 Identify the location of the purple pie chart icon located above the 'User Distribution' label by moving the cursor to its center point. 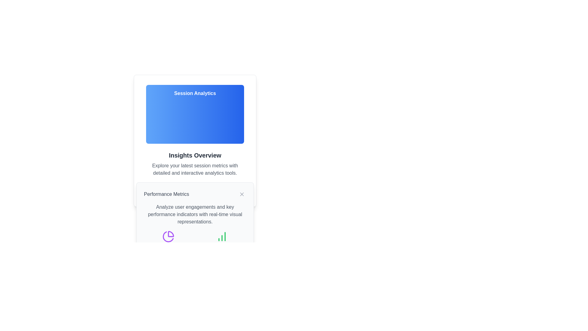
(168, 241).